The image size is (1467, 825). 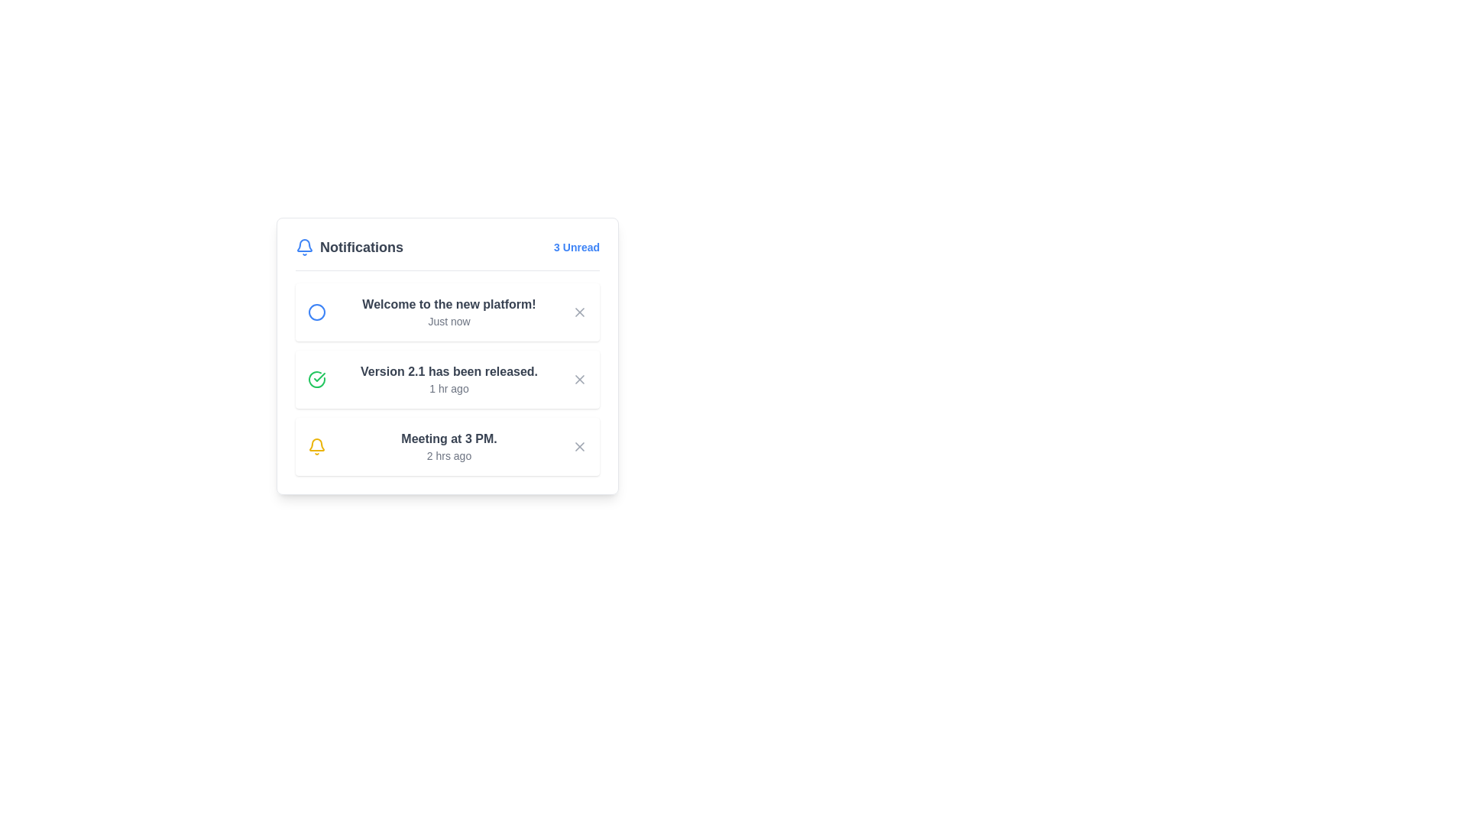 What do you see at coordinates (449, 388) in the screenshot?
I see `information displayed in the text label showing '1 hr ago', which is a small gray text located beneath the notification text 'Version 2.1 has been released.'` at bounding box center [449, 388].